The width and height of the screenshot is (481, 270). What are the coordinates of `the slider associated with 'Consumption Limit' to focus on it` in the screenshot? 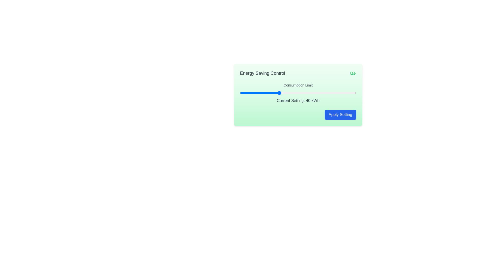 It's located at (298, 93).